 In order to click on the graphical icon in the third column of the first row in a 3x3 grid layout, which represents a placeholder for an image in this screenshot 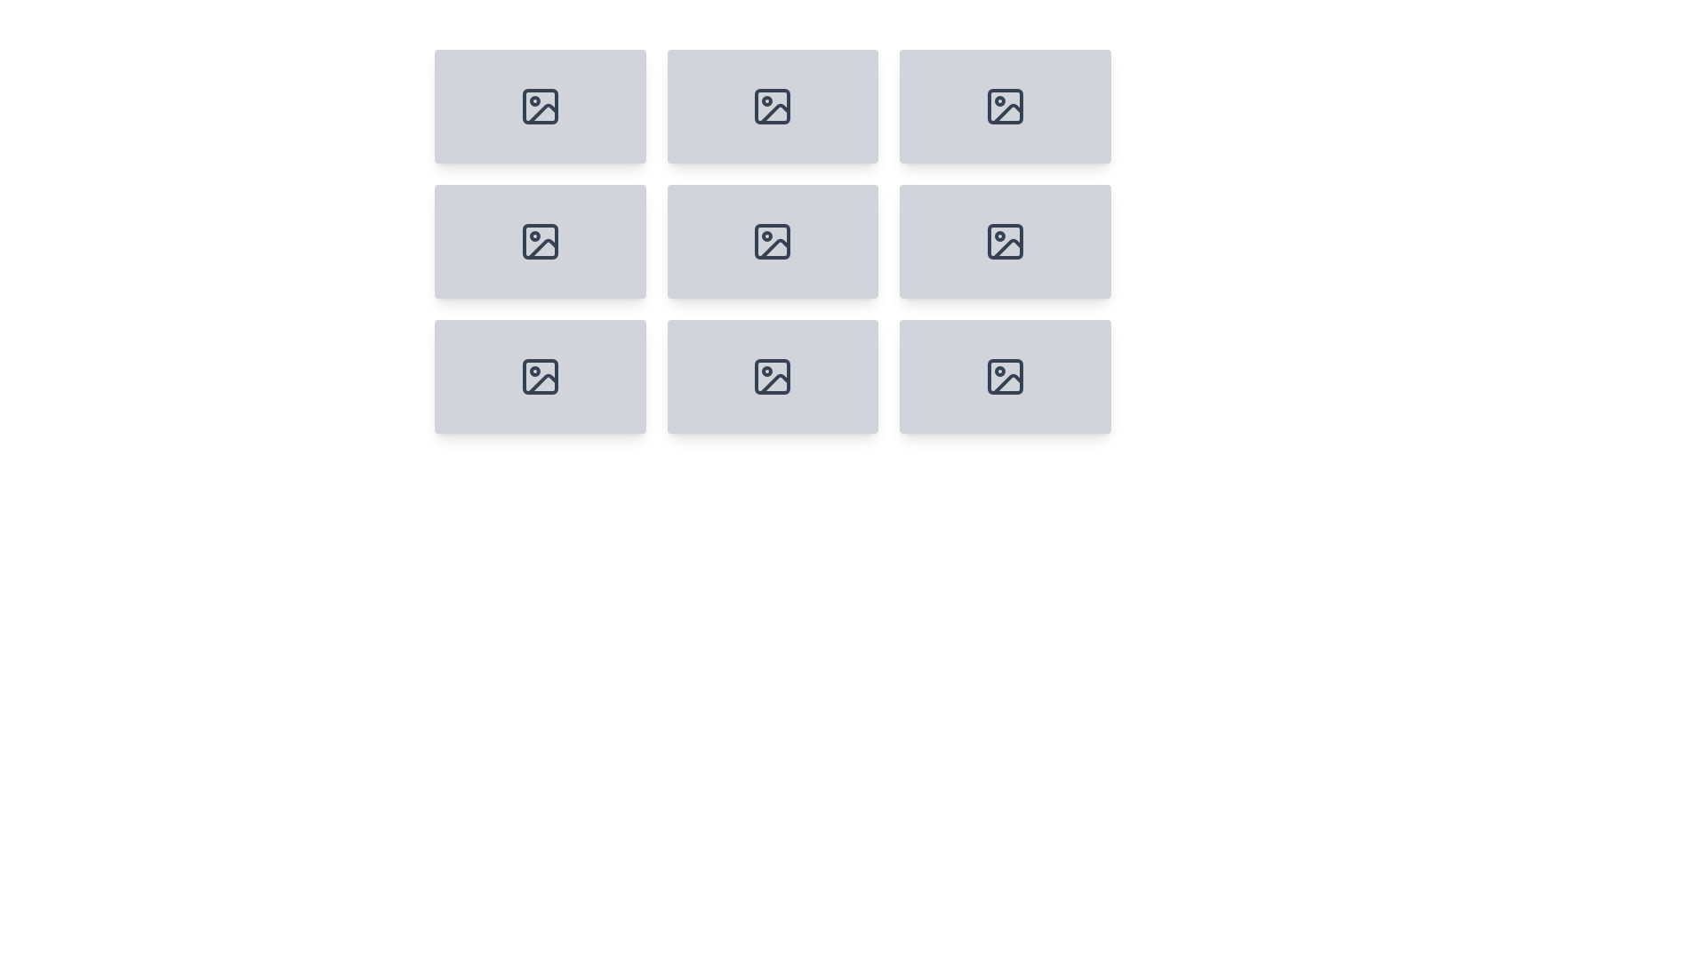, I will do `click(1006, 106)`.